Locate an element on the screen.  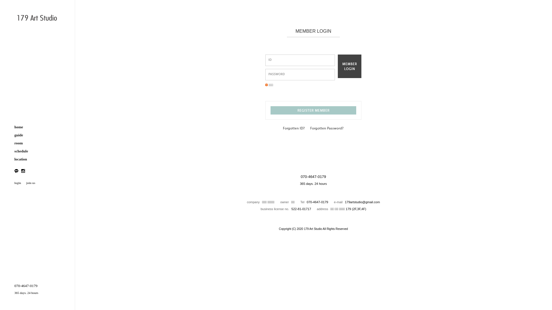
'guide' is located at coordinates (37, 135).